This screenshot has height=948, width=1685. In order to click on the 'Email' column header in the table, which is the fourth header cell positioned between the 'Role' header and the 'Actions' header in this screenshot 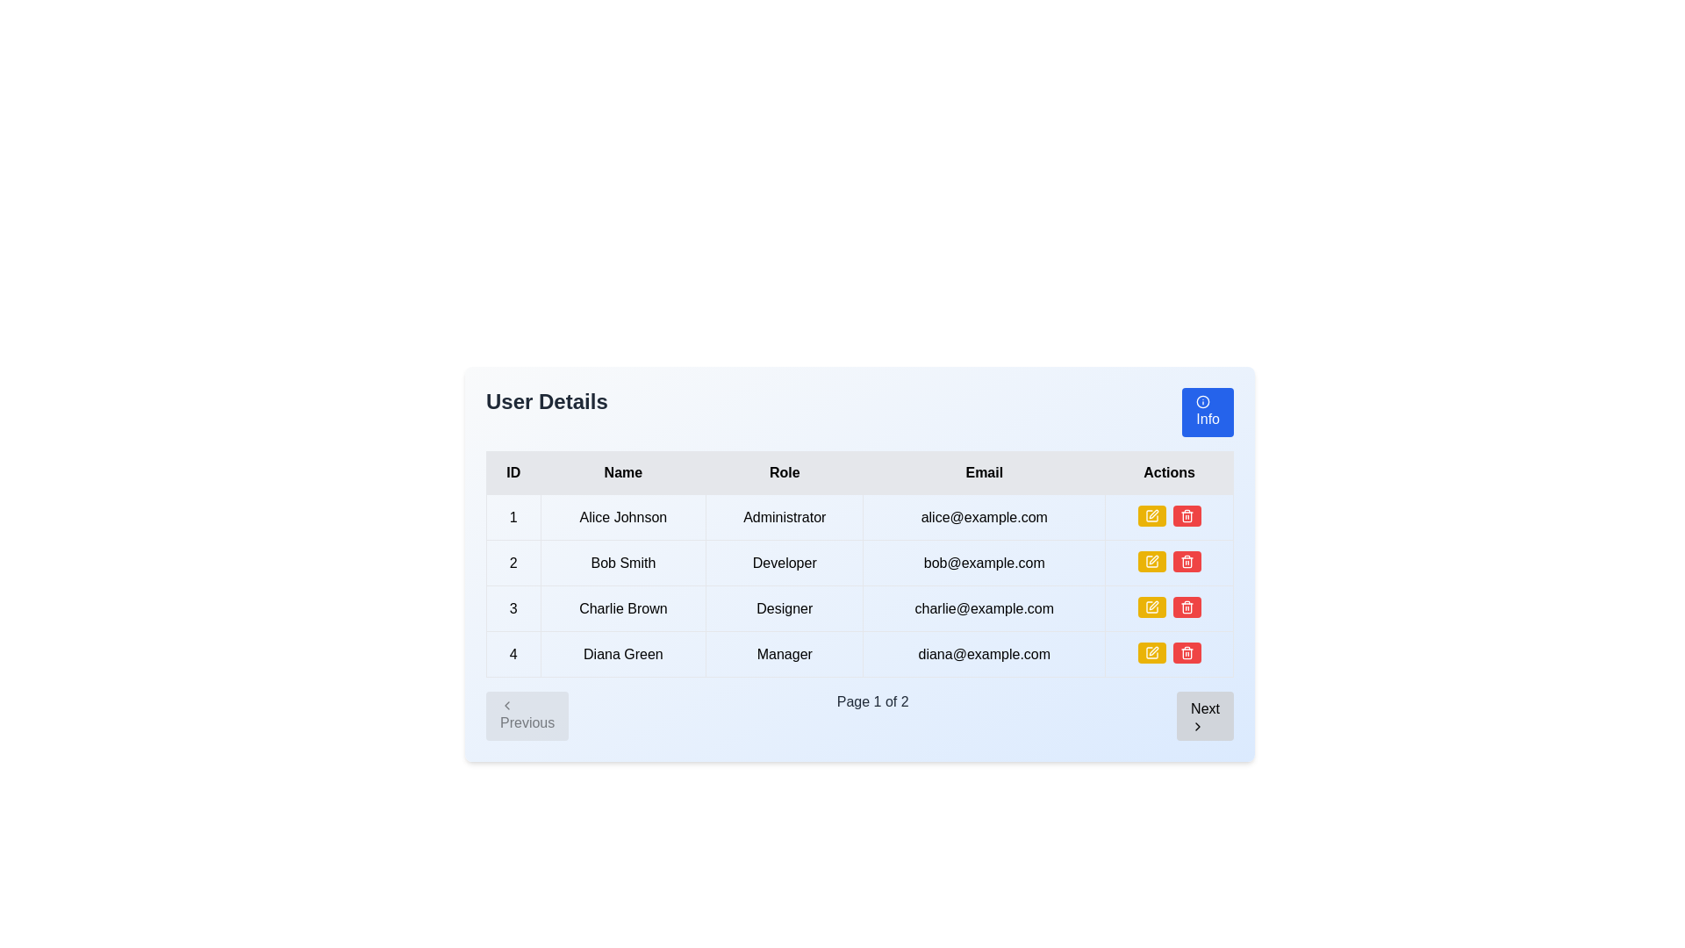, I will do `click(984, 472)`.